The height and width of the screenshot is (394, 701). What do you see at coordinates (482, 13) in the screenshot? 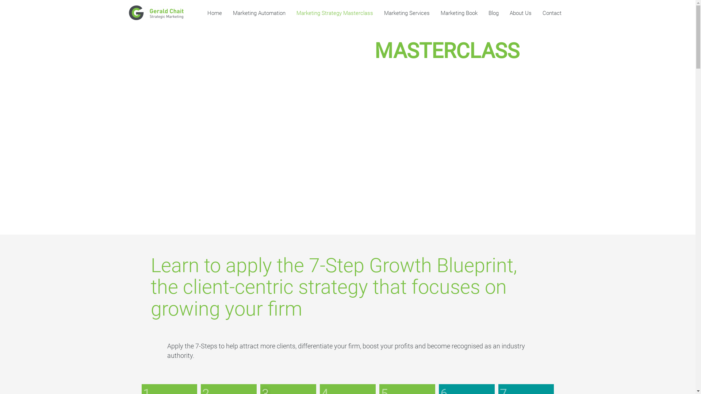
I see `'Blog'` at bounding box center [482, 13].